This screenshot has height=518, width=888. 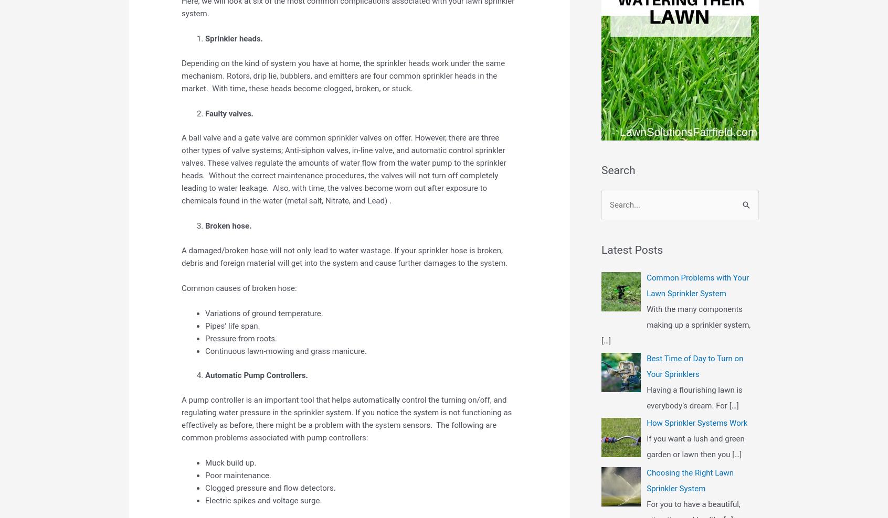 I want to click on 'Depending on the kind of system you have at home, the sprinkler heads work under the same mechanism. Rotors, drip lie, bubblers, and emitters are four common sprinkler heads in the market.  With time, these heads become clogged, broken, or stuck.', so click(x=343, y=74).